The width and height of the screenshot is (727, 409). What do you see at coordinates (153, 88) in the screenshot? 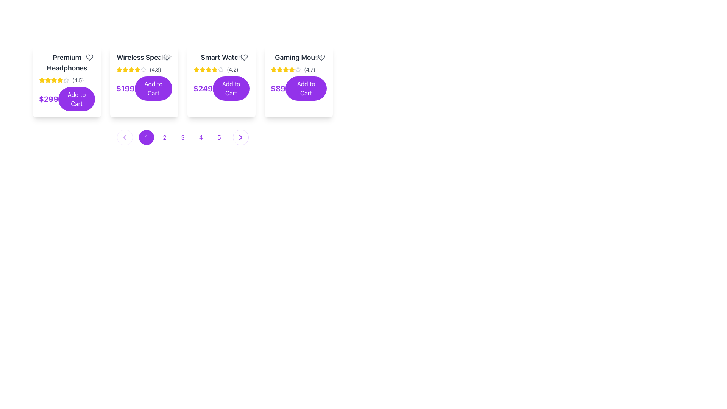
I see `the 'Add to Cart' button with a purple background and white text, which is the second button from the left` at bounding box center [153, 88].